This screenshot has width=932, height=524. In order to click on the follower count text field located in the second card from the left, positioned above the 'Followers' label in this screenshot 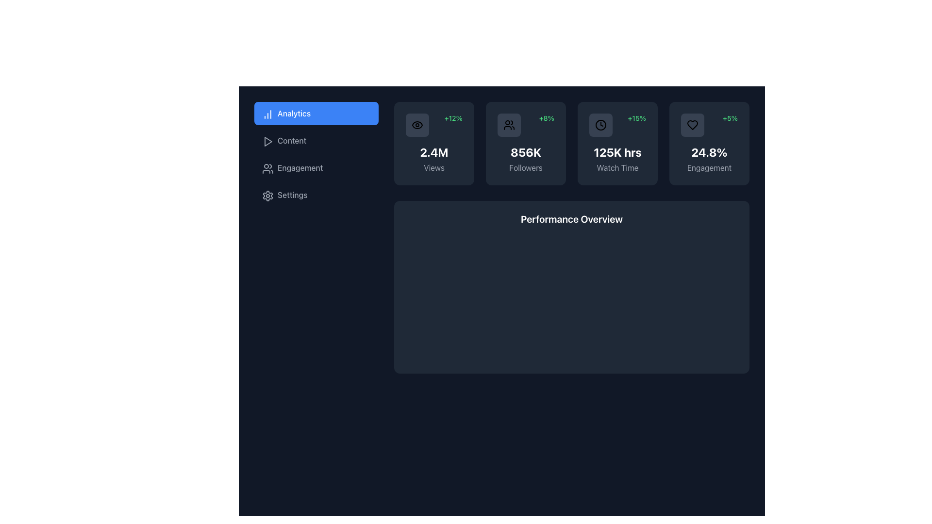, I will do `click(525, 152)`.